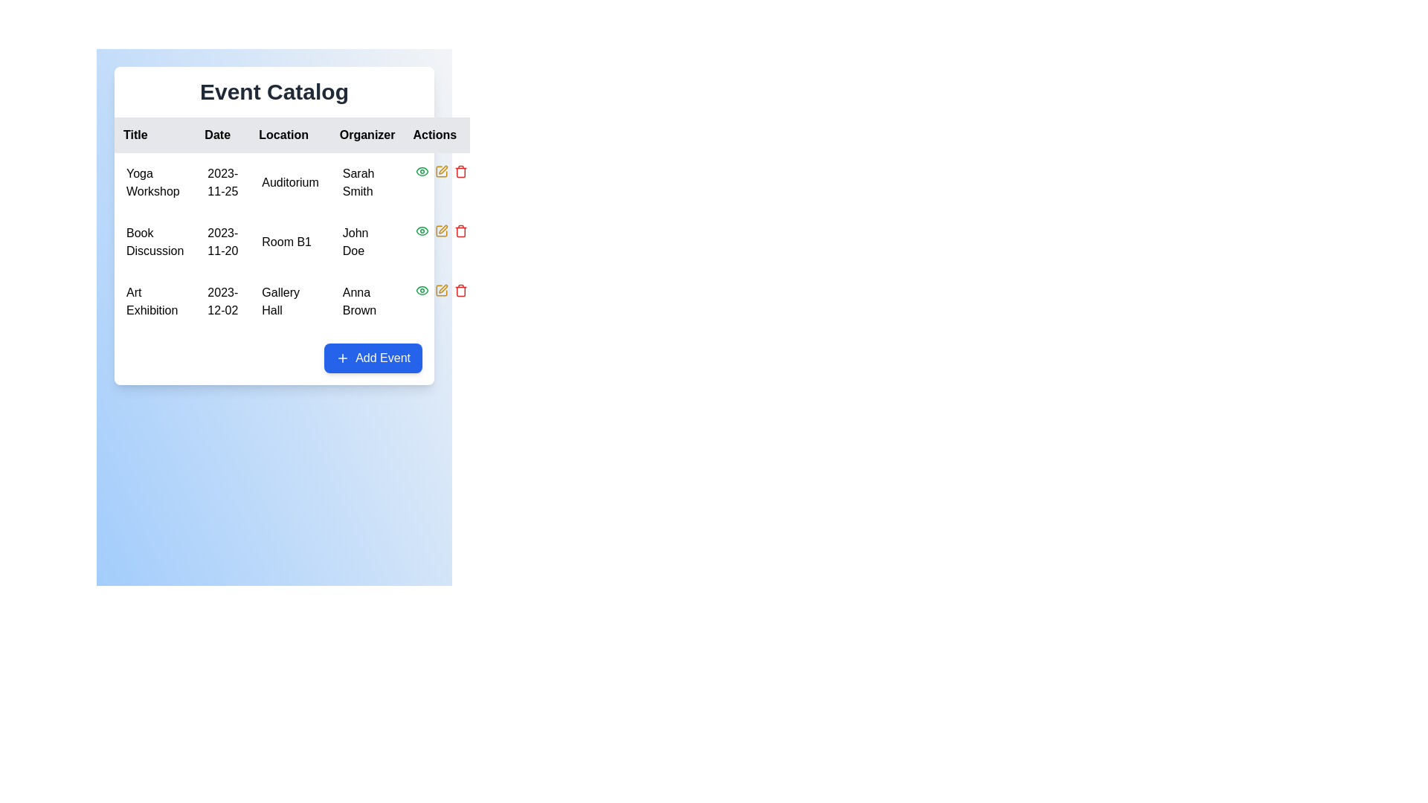 The width and height of the screenshot is (1428, 803). I want to click on the static text field displaying '2023-12-02' under the 'Date' column in the 'Art Exhibition' row of the event catalog table, so click(222, 301).